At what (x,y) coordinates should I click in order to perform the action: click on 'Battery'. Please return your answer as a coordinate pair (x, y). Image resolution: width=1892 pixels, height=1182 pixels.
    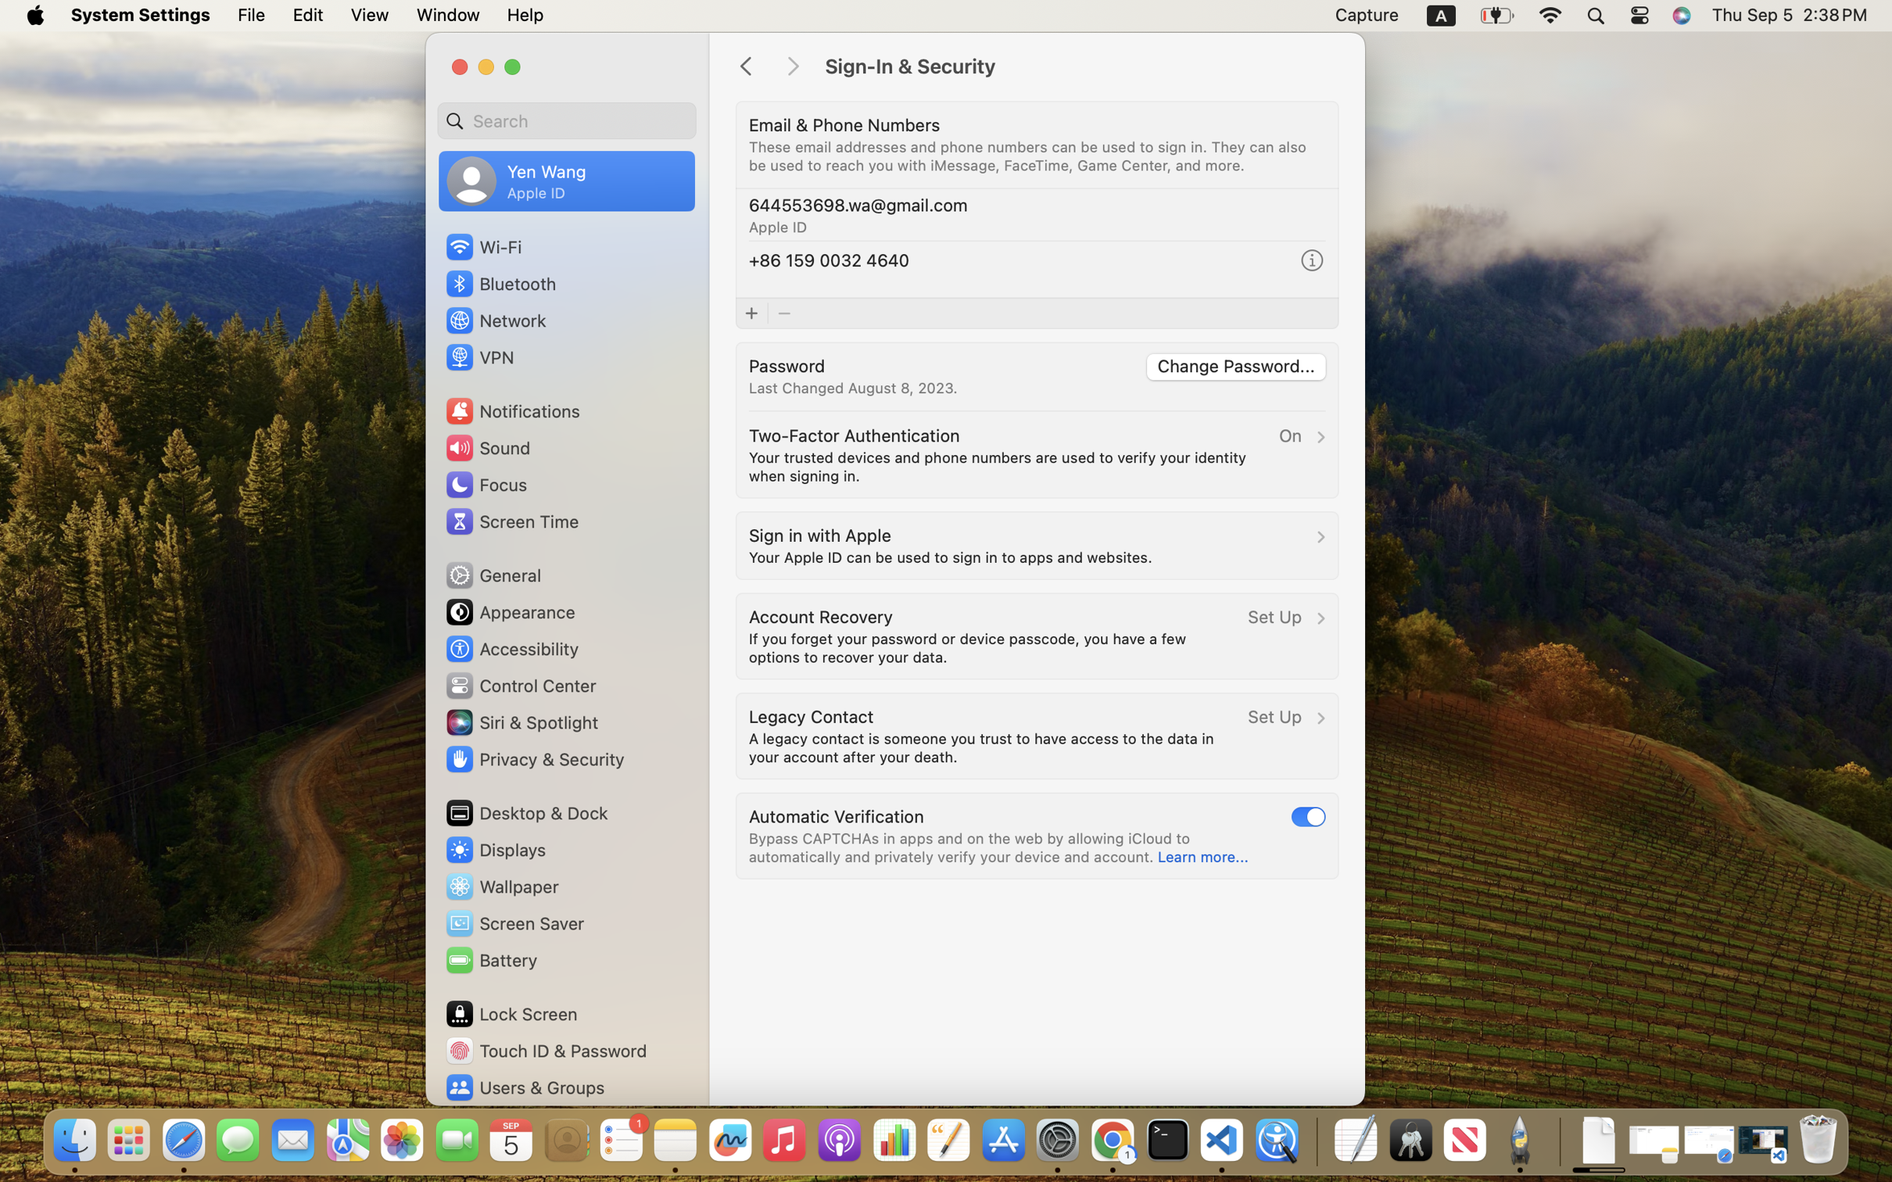
    Looking at the image, I should click on (491, 958).